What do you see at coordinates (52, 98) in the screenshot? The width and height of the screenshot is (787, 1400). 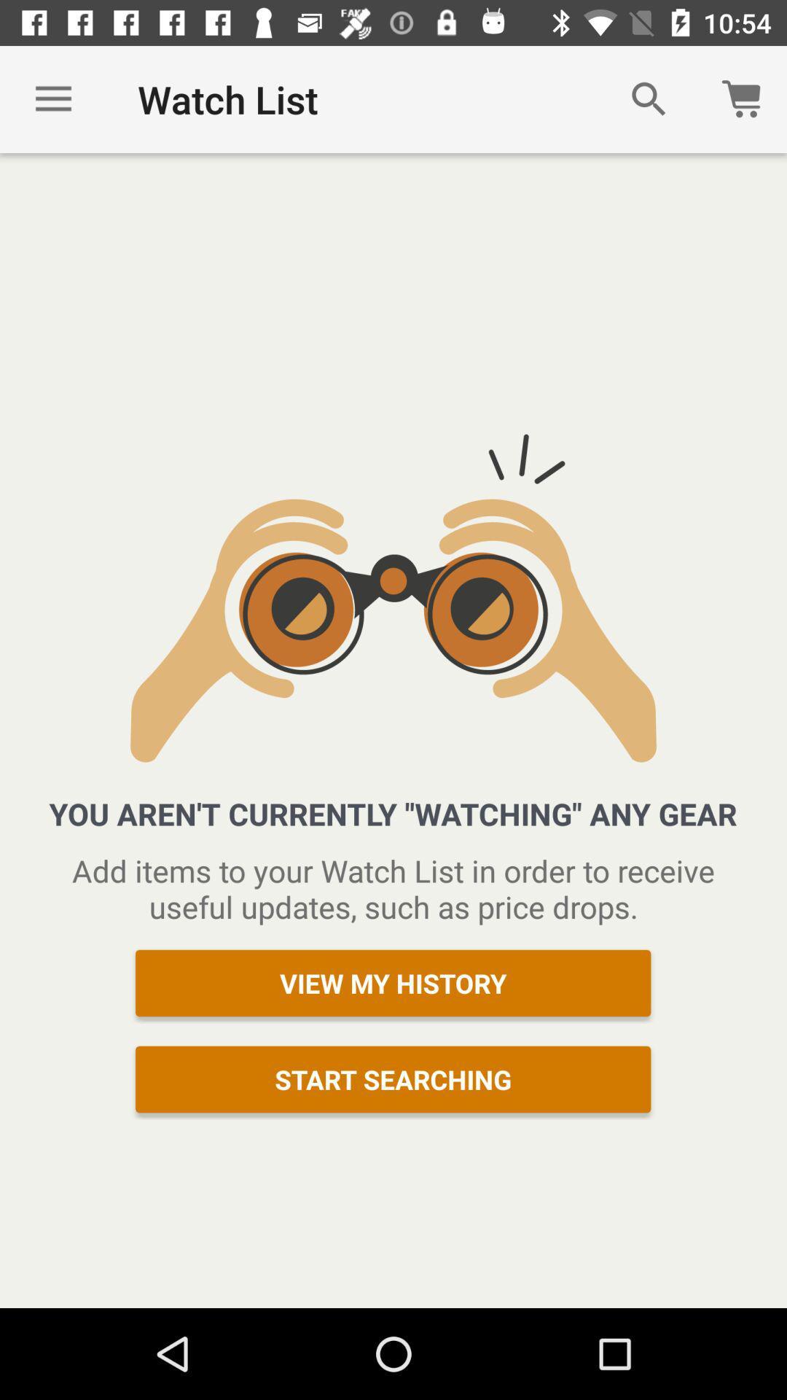 I see `the icon next to the watch list icon` at bounding box center [52, 98].